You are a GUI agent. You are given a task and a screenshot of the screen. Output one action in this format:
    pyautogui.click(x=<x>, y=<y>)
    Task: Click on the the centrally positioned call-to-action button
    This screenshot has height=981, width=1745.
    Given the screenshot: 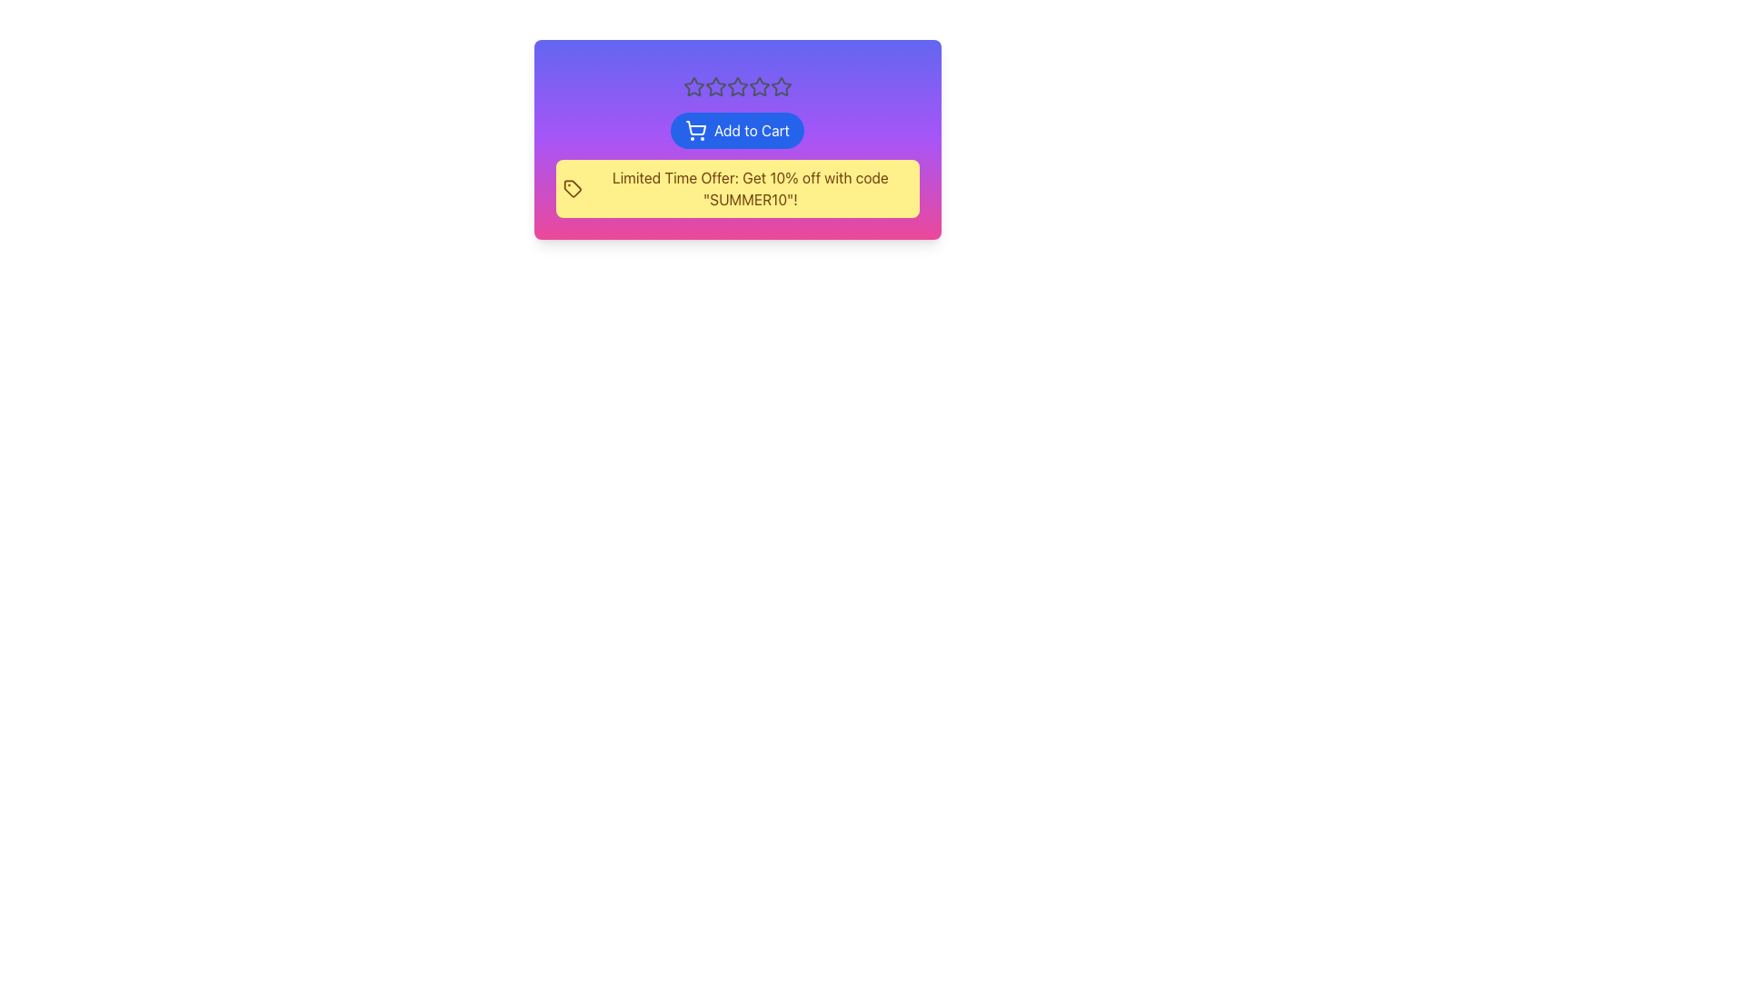 What is the action you would take?
    pyautogui.click(x=737, y=129)
    